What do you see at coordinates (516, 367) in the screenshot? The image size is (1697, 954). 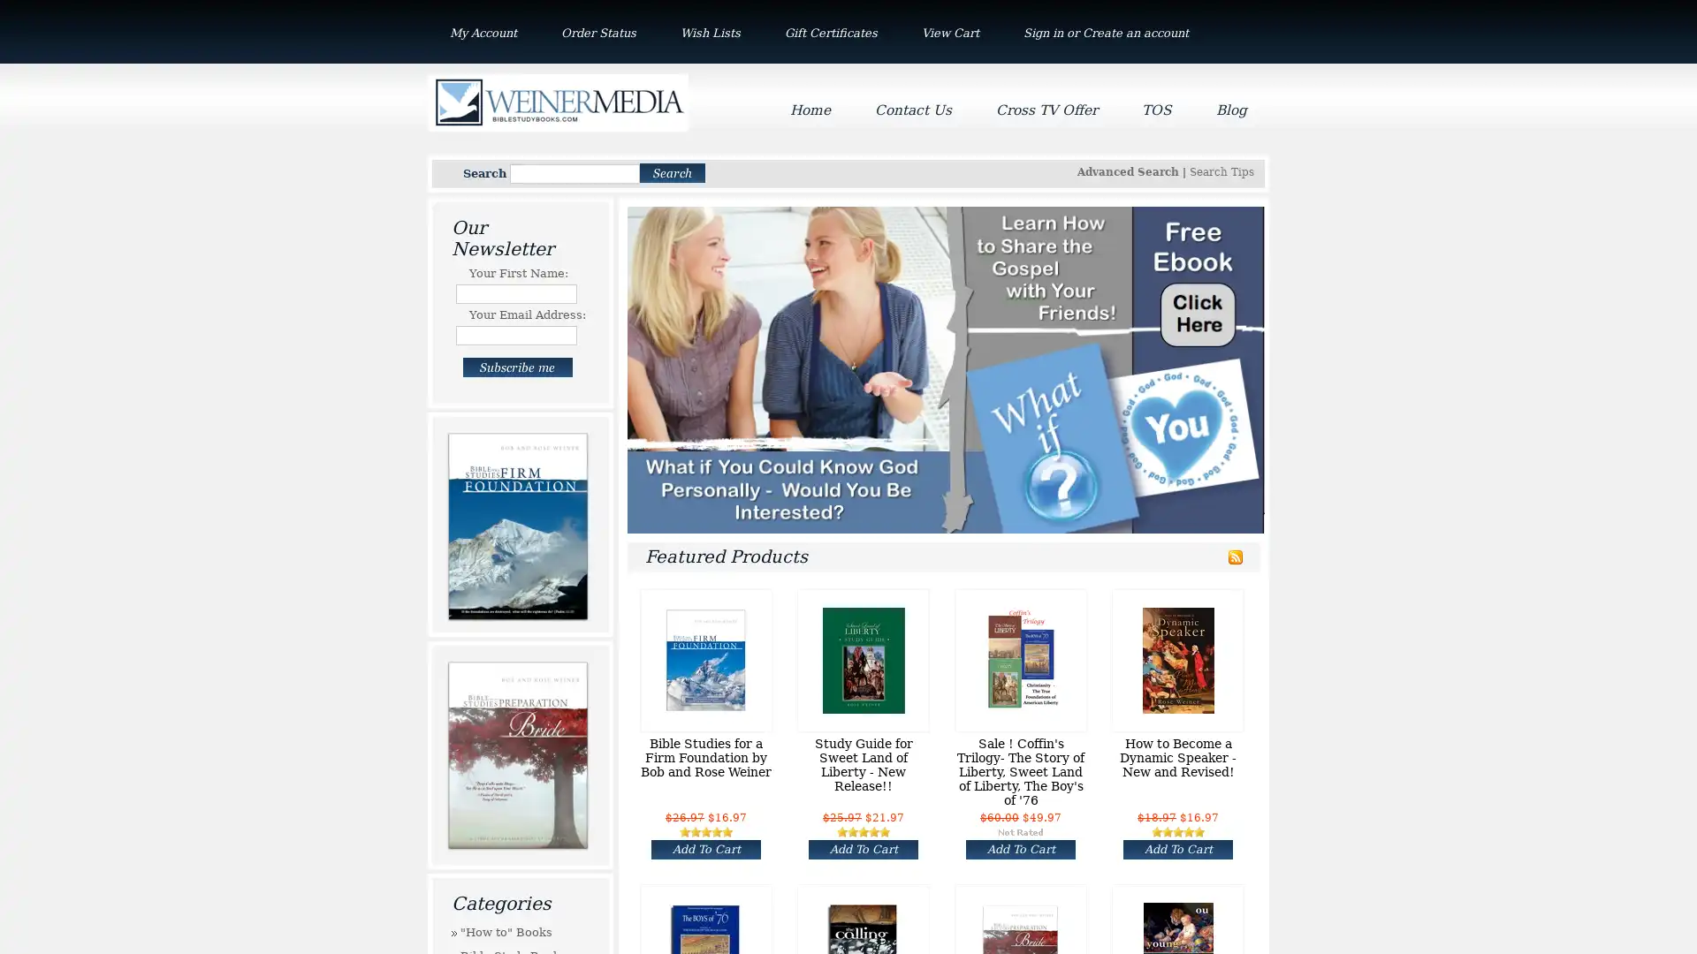 I see `Subscribe` at bounding box center [516, 367].